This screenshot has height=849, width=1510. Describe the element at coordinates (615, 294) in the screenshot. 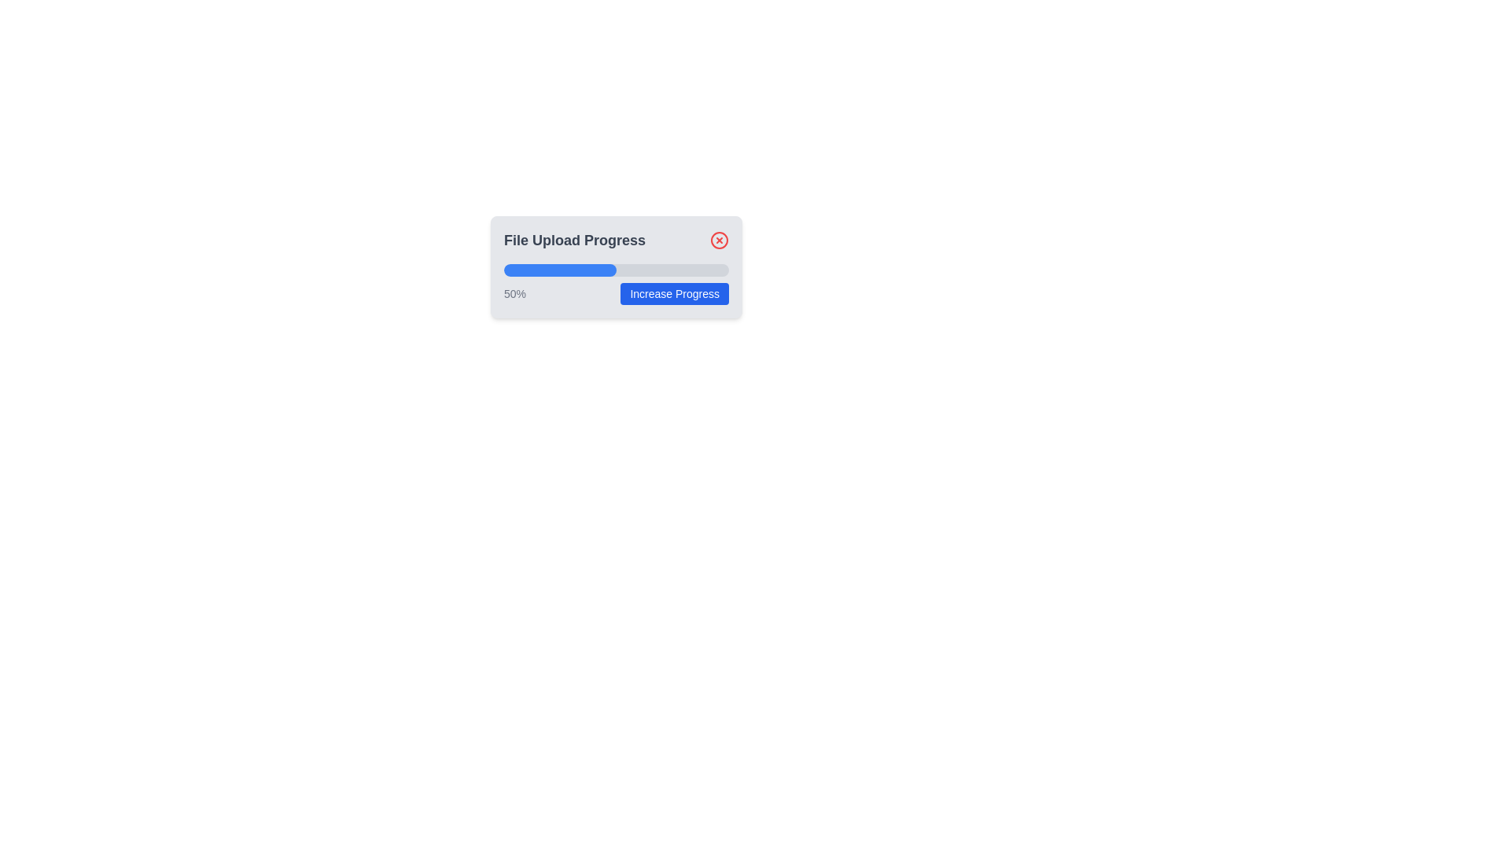

I see `the 'Increase Progress' button located to the right of the '50%' text display within the 'File Upload Progress' section for keyboard interaction` at that location.